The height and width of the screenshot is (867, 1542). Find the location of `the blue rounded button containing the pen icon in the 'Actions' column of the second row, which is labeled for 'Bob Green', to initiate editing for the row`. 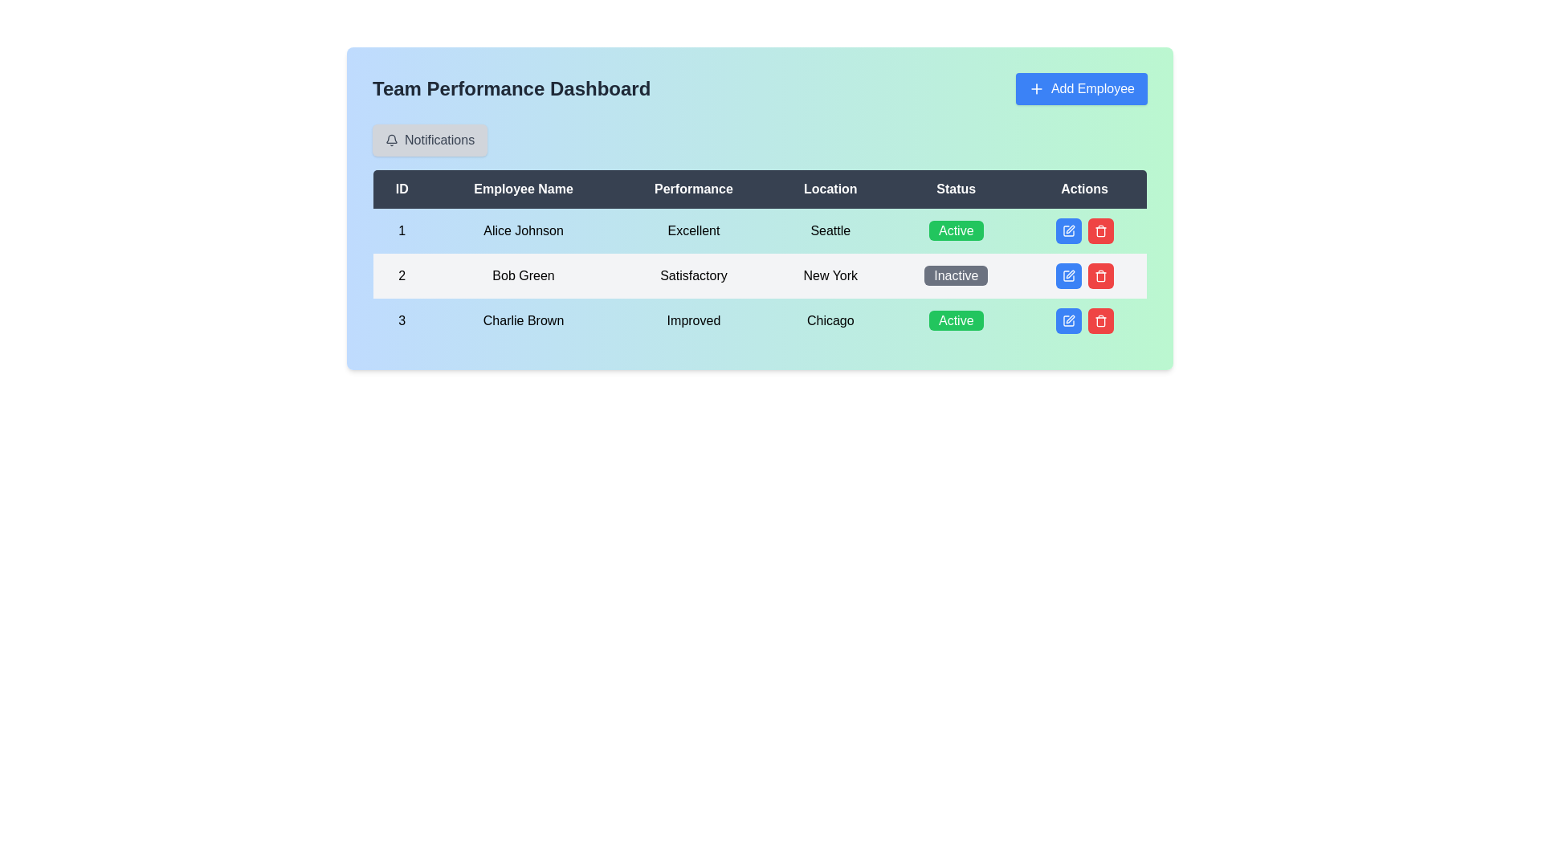

the blue rounded button containing the pen icon in the 'Actions' column of the second row, which is labeled for 'Bob Green', to initiate editing for the row is located at coordinates (1068, 231).